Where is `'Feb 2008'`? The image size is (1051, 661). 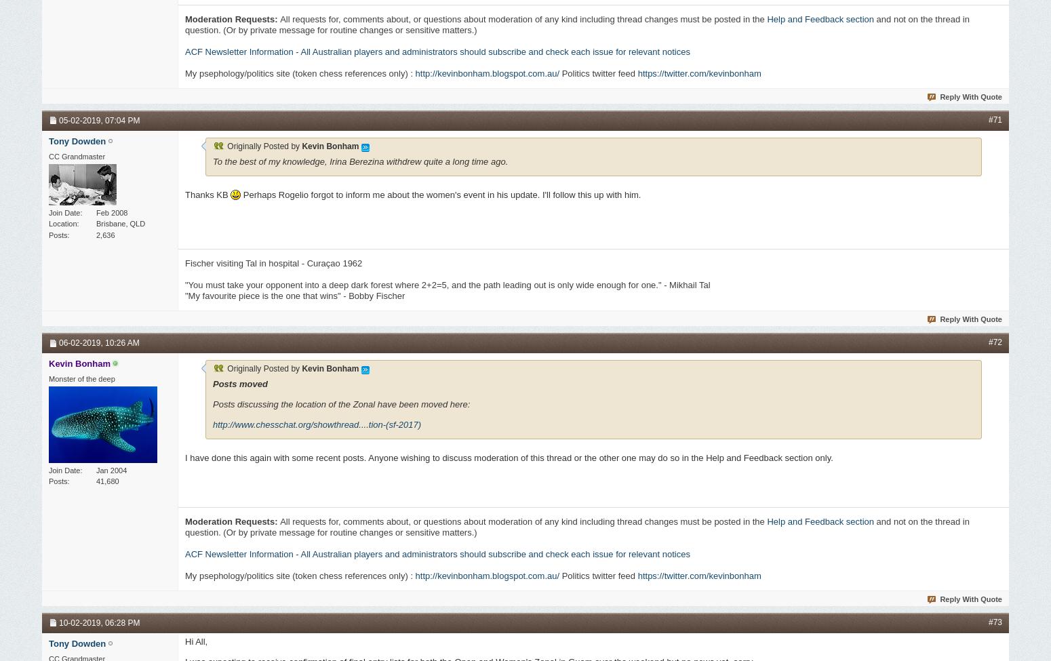 'Feb 2008' is located at coordinates (111, 211).